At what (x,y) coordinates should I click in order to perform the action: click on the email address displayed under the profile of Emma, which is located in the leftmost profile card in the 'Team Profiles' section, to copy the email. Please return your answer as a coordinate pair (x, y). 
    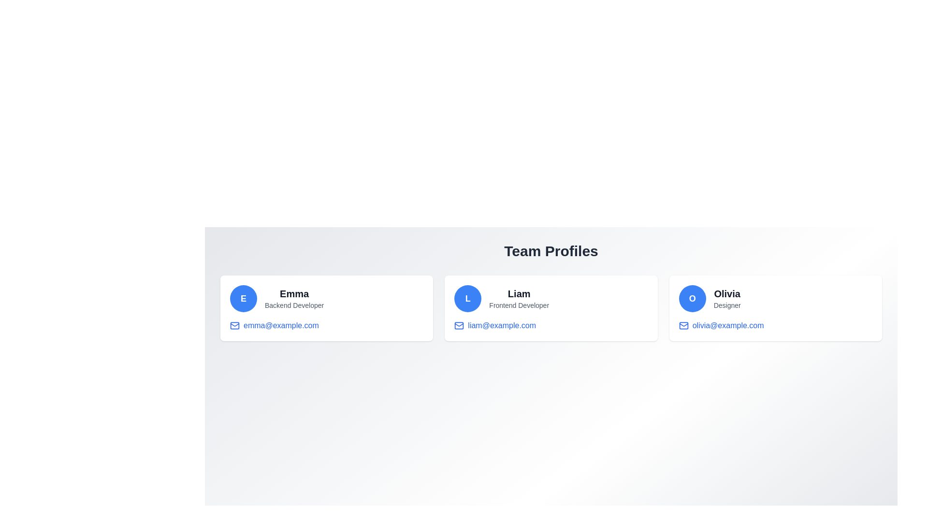
    Looking at the image, I should click on (280, 326).